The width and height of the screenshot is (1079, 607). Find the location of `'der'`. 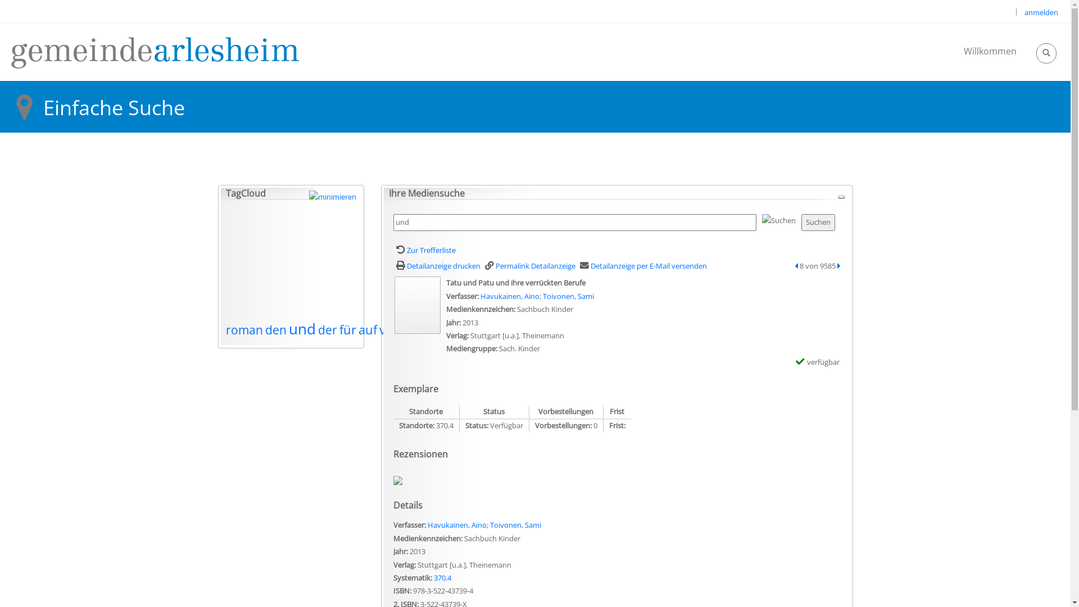

'der' is located at coordinates (327, 329).